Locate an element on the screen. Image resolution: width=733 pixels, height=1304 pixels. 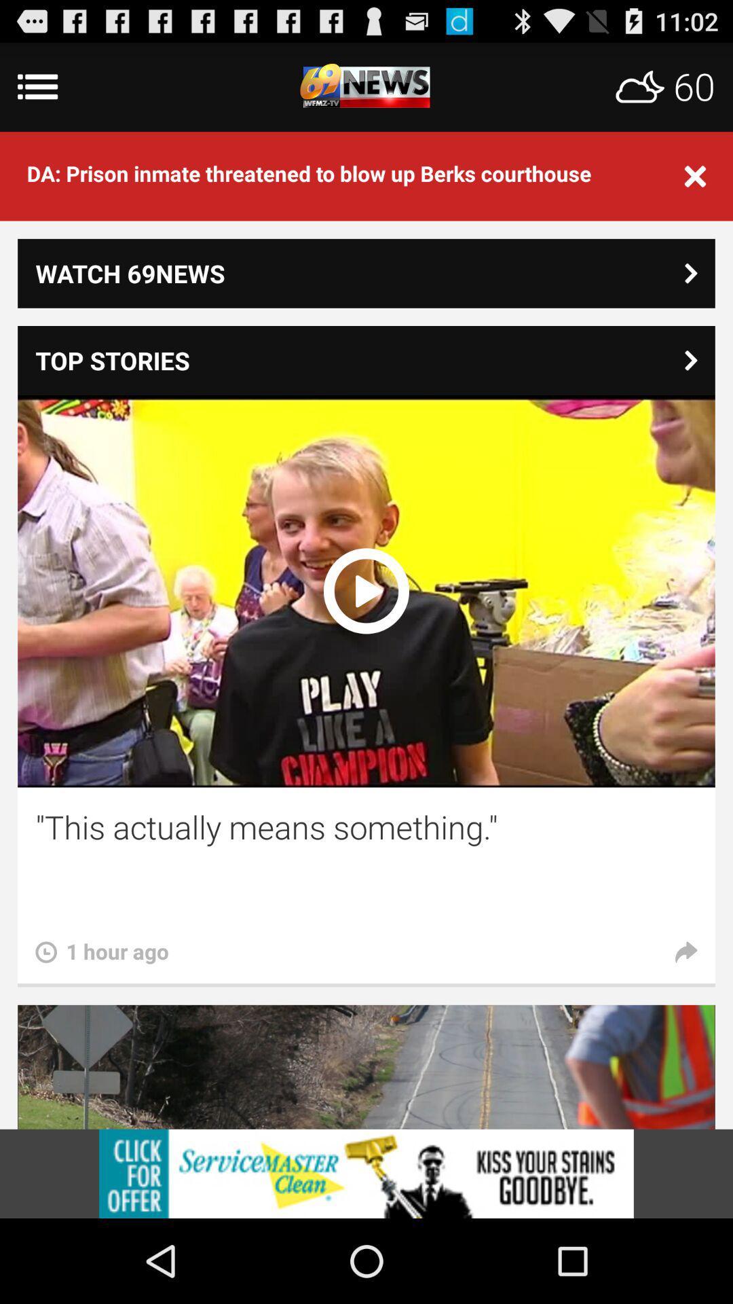
advertisement banner is located at coordinates (366, 1173).